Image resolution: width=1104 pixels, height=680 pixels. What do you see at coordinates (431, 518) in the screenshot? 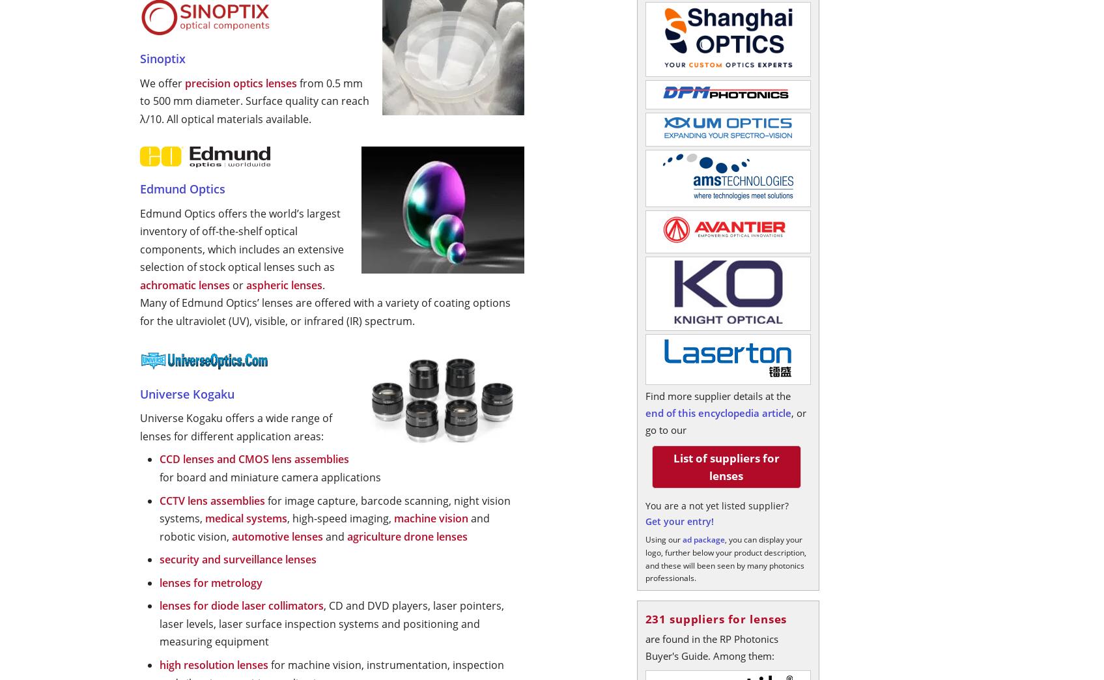
I see `'machine vision'` at bounding box center [431, 518].